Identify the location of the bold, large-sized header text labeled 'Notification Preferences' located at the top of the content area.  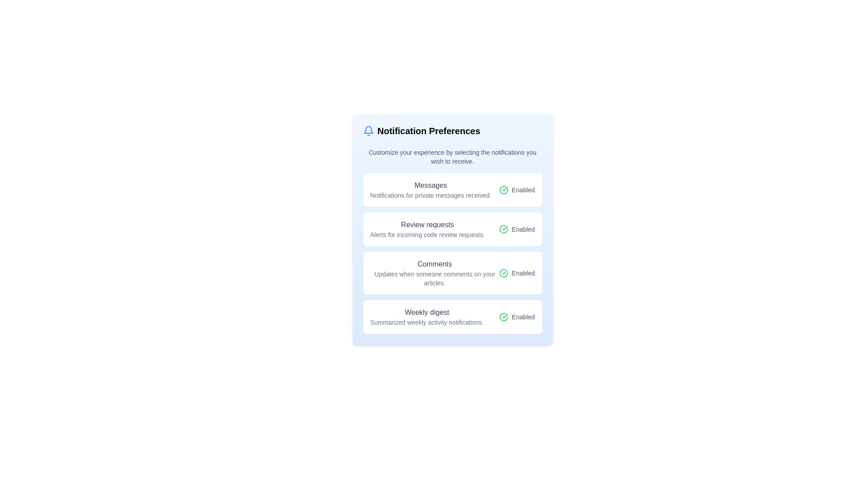
(428, 131).